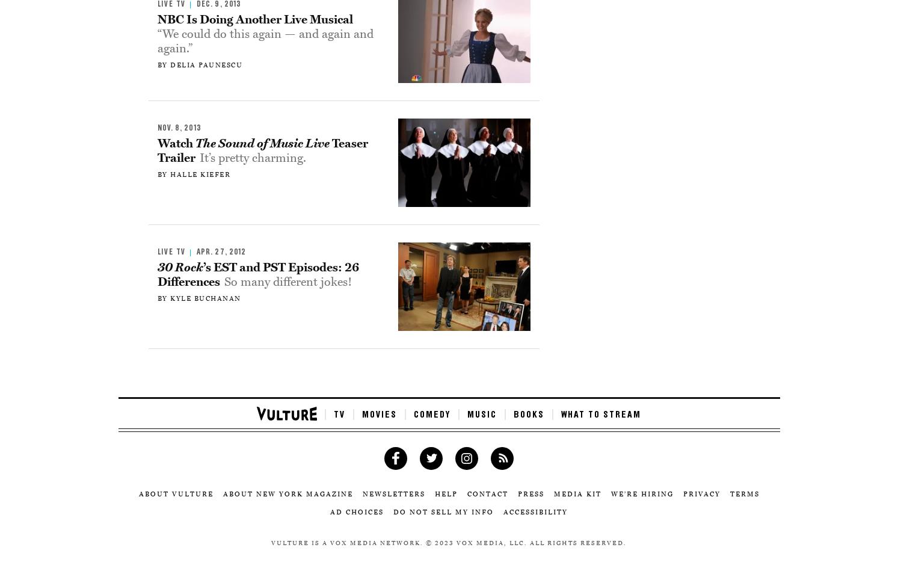 This screenshot has width=898, height=571. I want to click on 'Comedy', so click(431, 414).